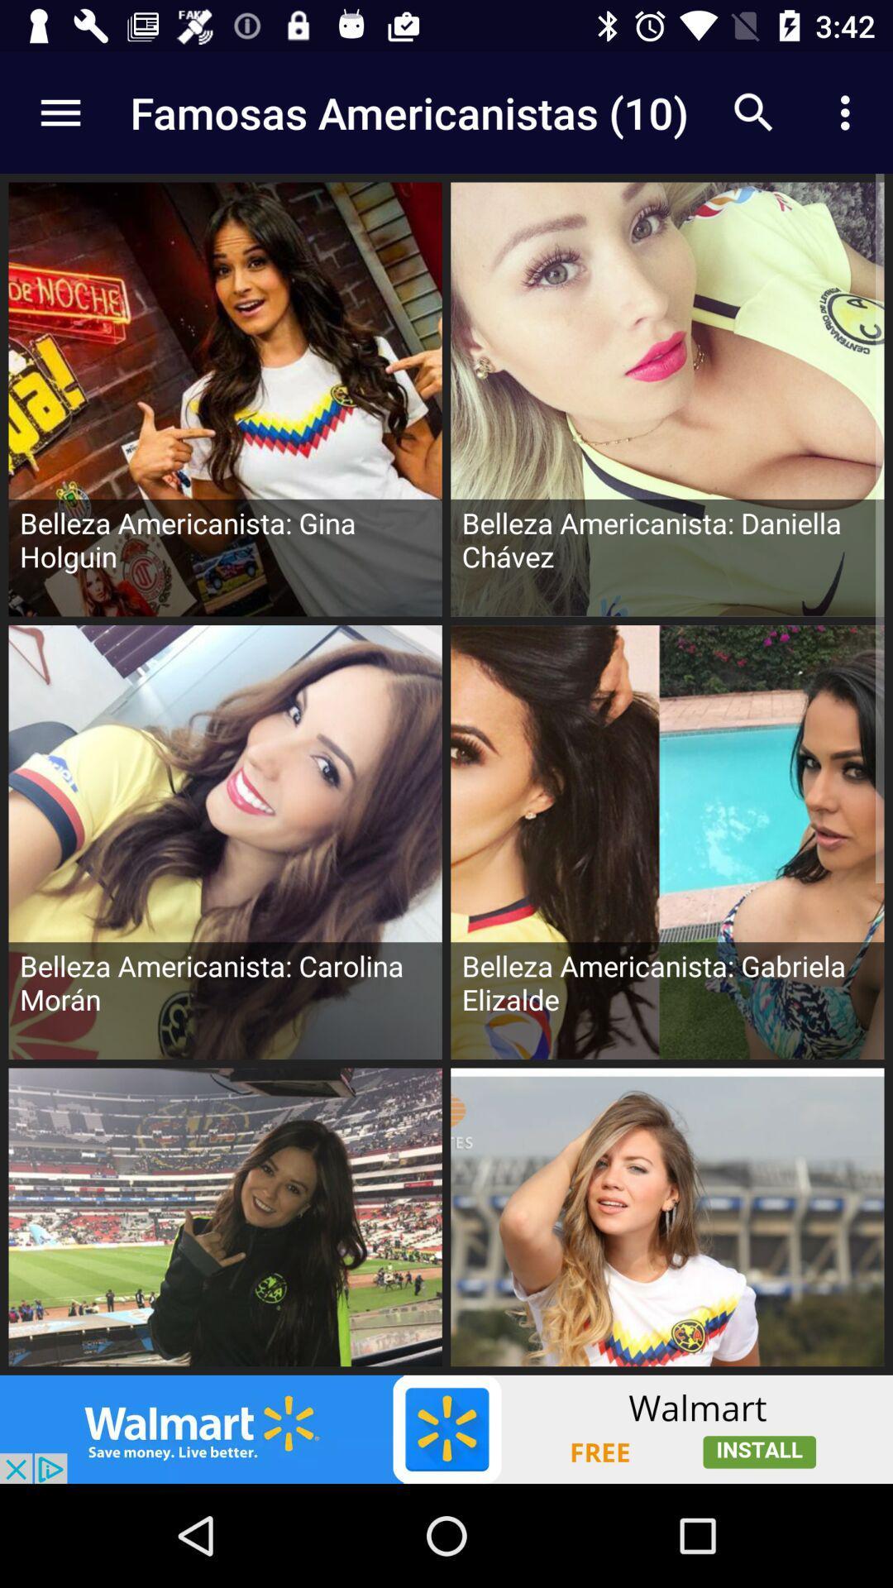 The height and width of the screenshot is (1588, 893). Describe the element at coordinates (446, 1428) in the screenshot. I see `banner advertisement` at that location.